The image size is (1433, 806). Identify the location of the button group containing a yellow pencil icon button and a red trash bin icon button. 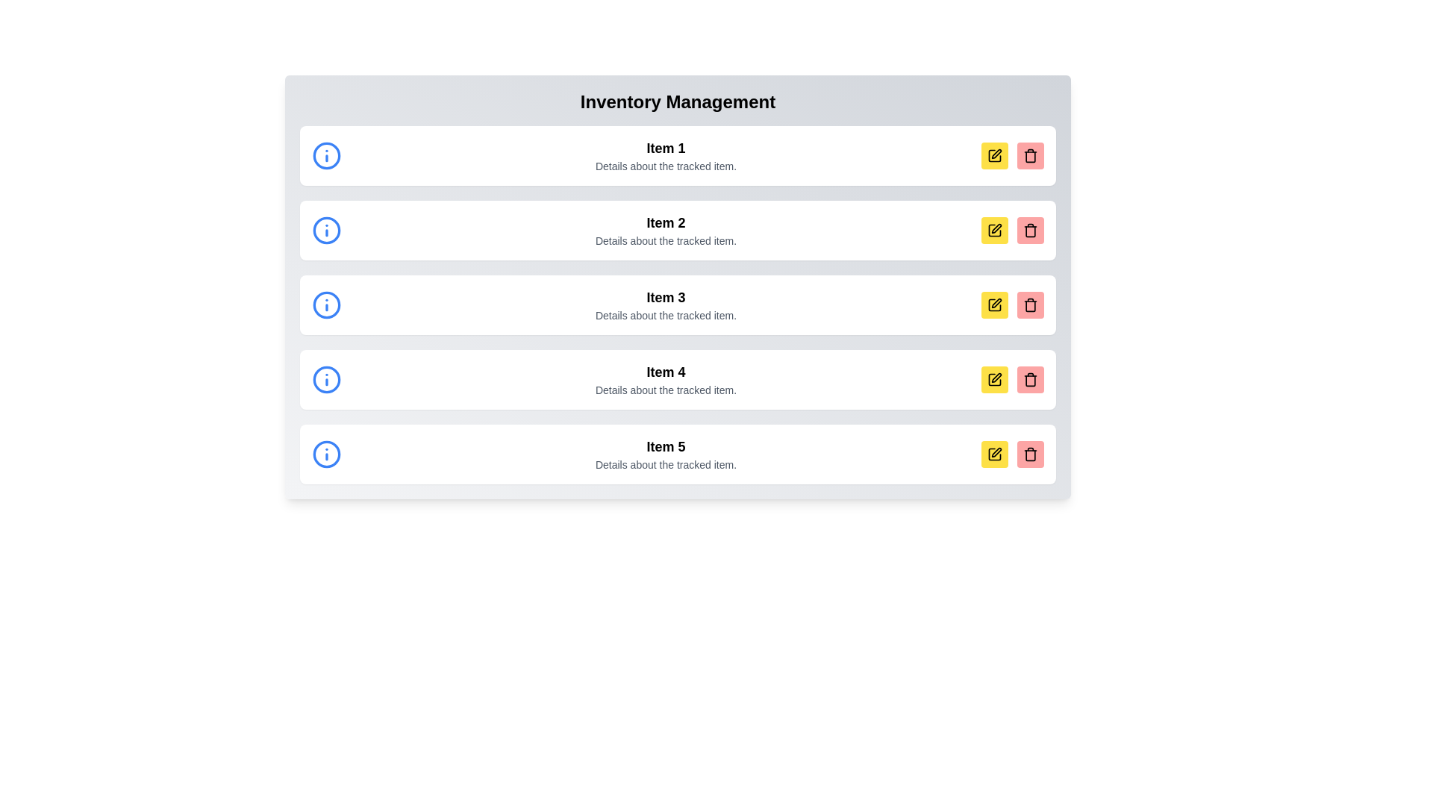
(1013, 454).